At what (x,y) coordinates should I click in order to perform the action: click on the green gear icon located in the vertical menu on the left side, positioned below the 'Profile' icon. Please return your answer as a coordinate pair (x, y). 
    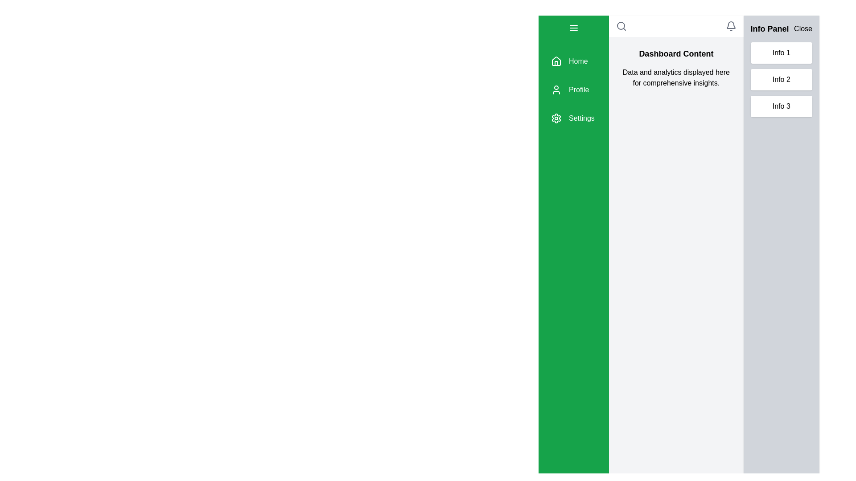
    Looking at the image, I should click on (556, 118).